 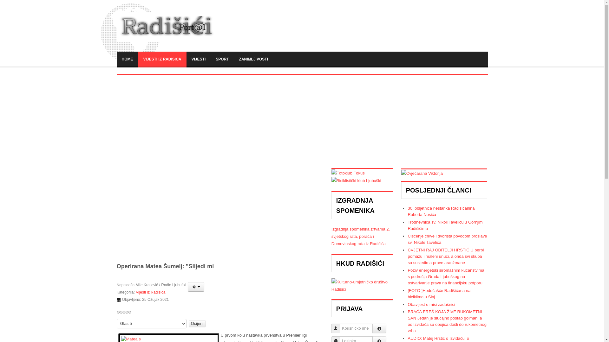 What do you see at coordinates (197, 324) in the screenshot?
I see `'Ocijeni'` at bounding box center [197, 324].